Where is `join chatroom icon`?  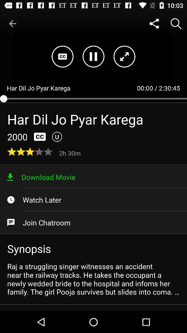
join chatroom icon is located at coordinates (93, 222).